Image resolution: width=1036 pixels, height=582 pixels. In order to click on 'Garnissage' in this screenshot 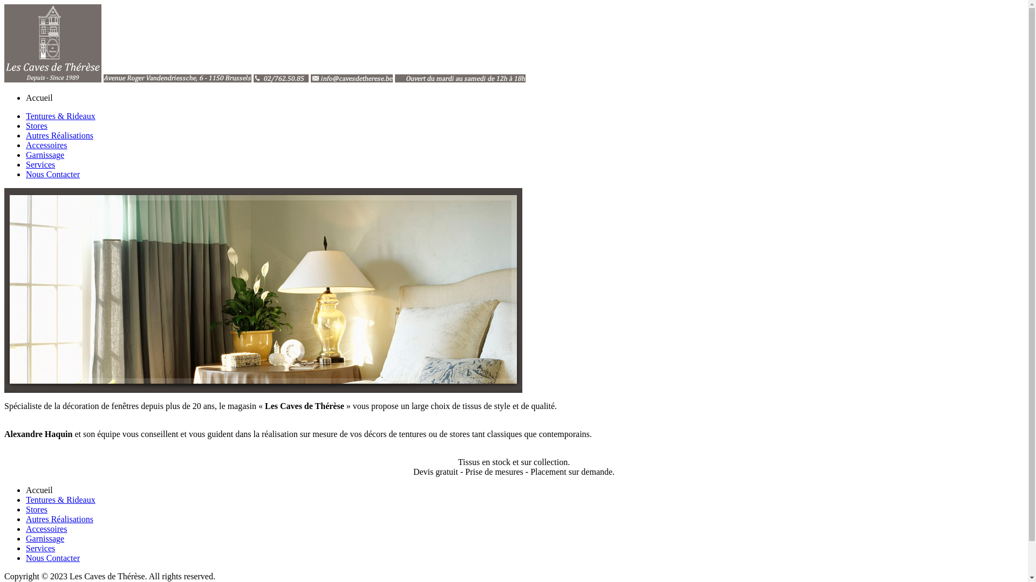, I will do `click(26, 538)`.